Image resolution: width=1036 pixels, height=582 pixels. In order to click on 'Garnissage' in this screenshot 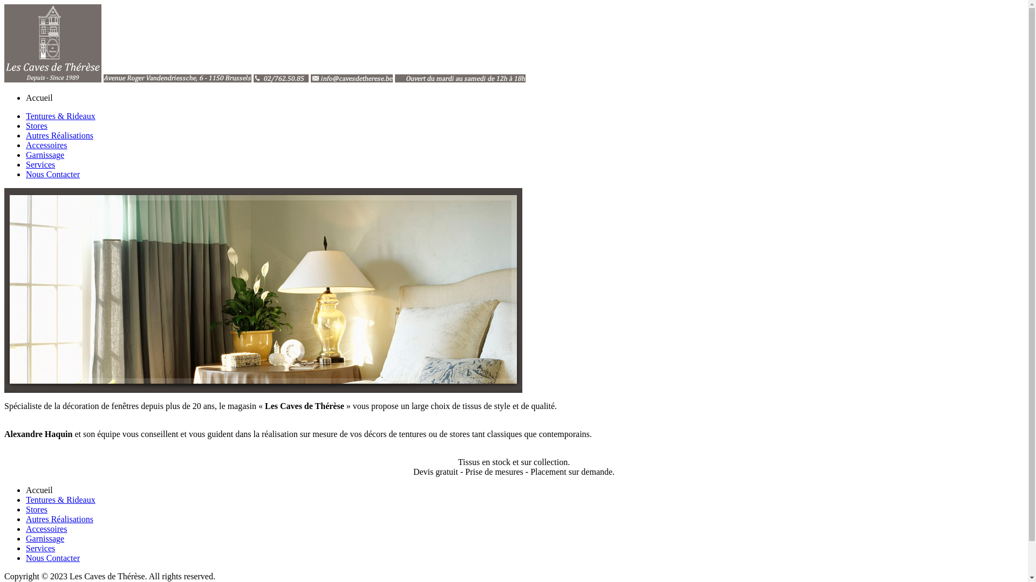, I will do `click(26, 538)`.